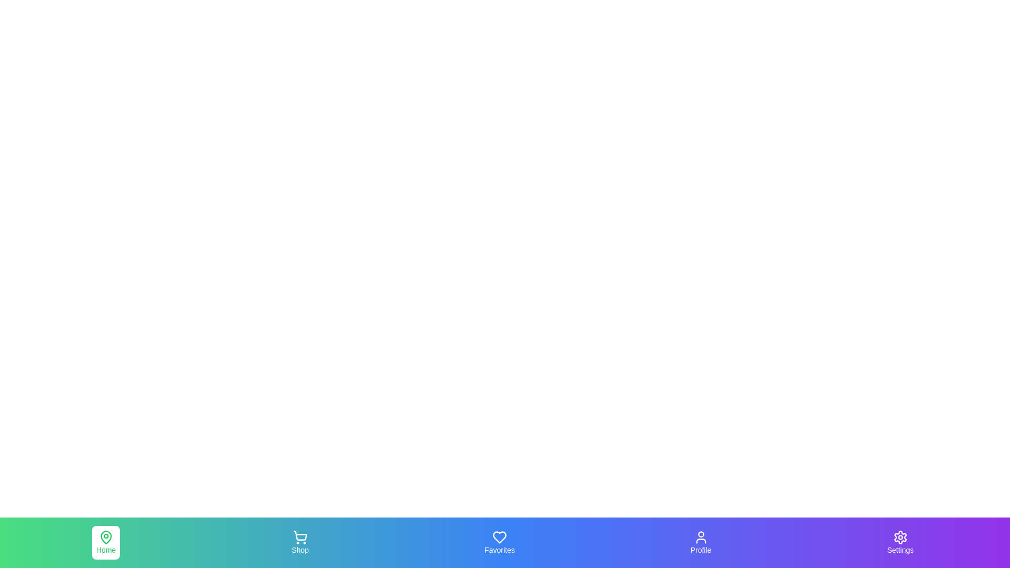 This screenshot has width=1010, height=568. What do you see at coordinates (899, 543) in the screenshot?
I see `the tab icon for Settings for visual inspection` at bounding box center [899, 543].